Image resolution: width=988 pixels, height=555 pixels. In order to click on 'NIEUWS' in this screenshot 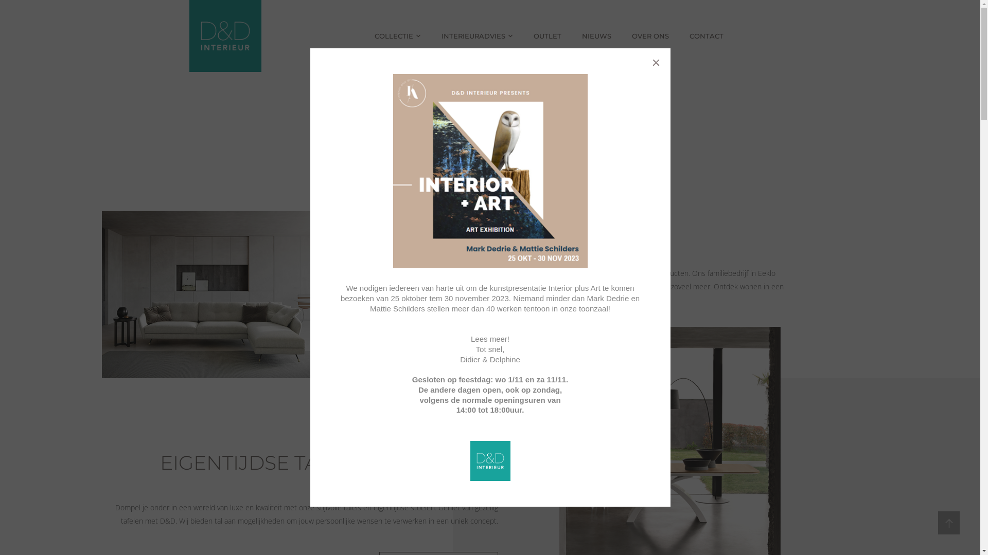, I will do `click(596, 35)`.